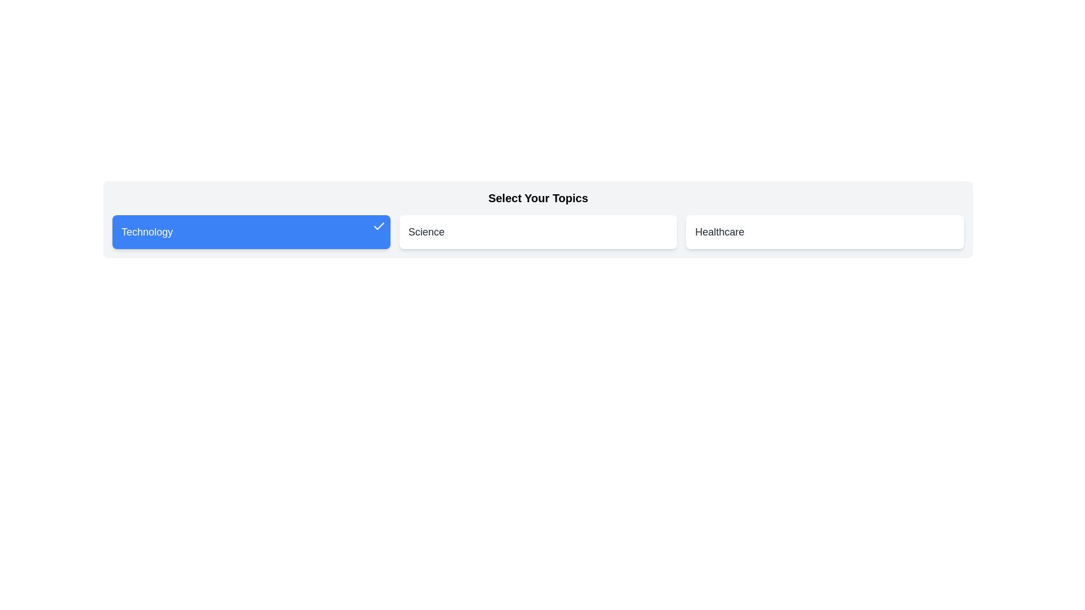 This screenshot has height=610, width=1085. I want to click on the card labeled Healthcare to toggle its active state, so click(825, 232).